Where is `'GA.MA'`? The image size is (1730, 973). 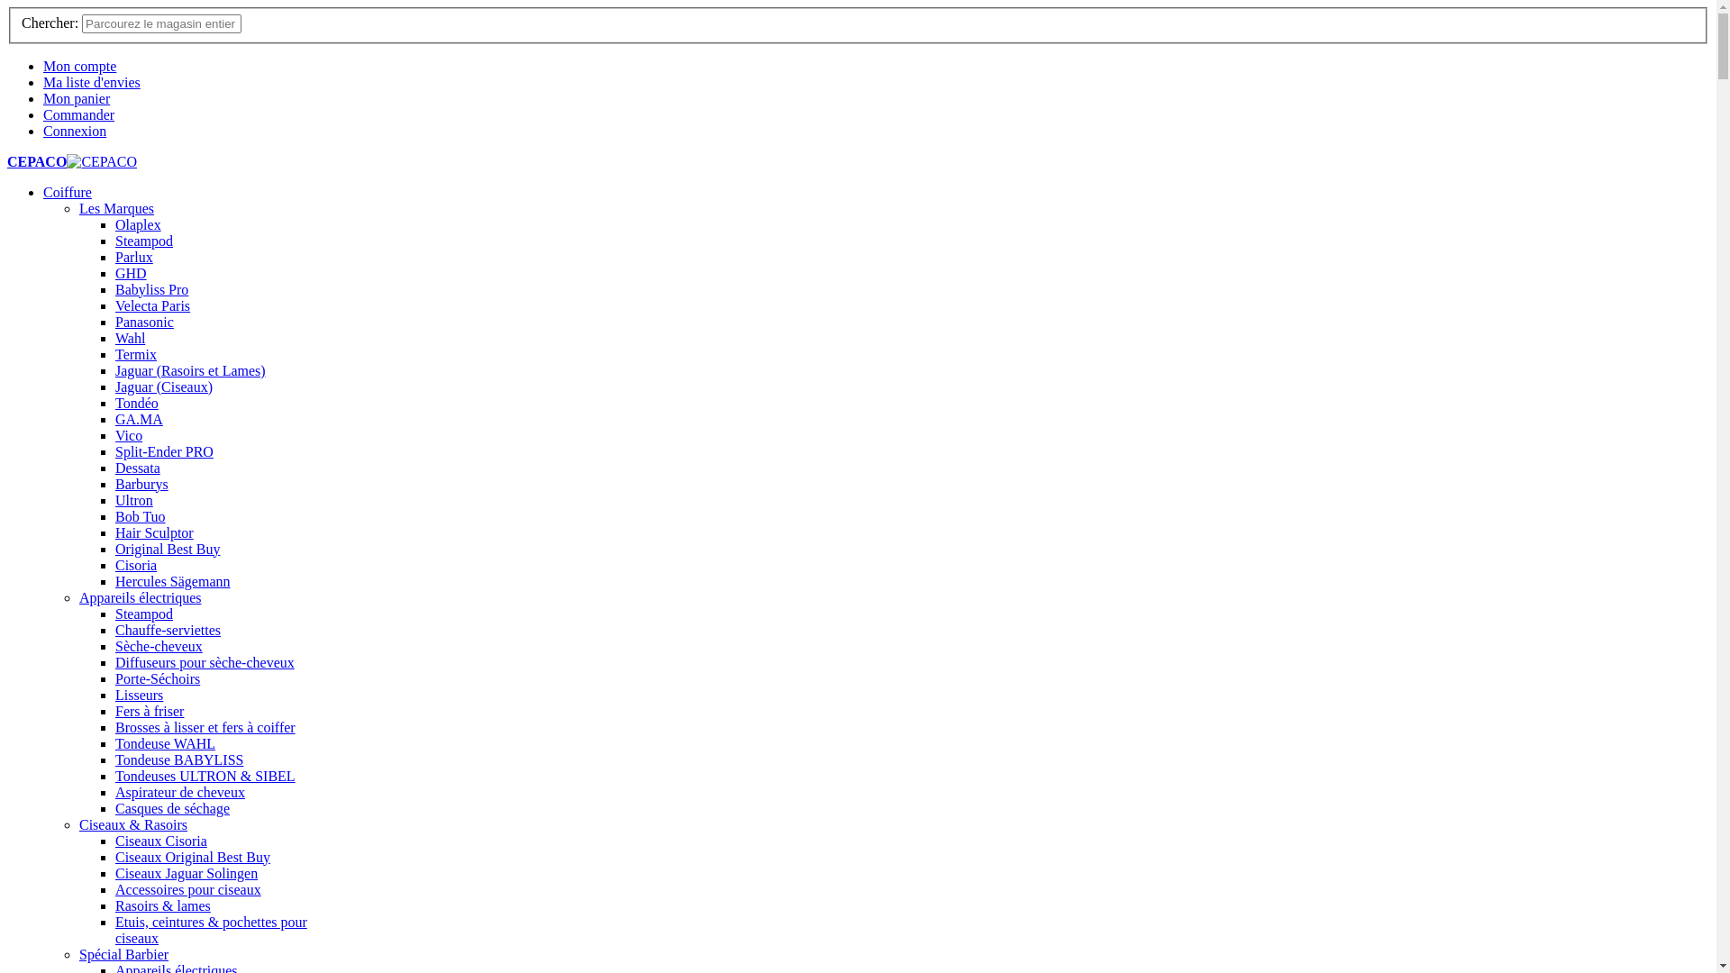 'GA.MA' is located at coordinates (138, 419).